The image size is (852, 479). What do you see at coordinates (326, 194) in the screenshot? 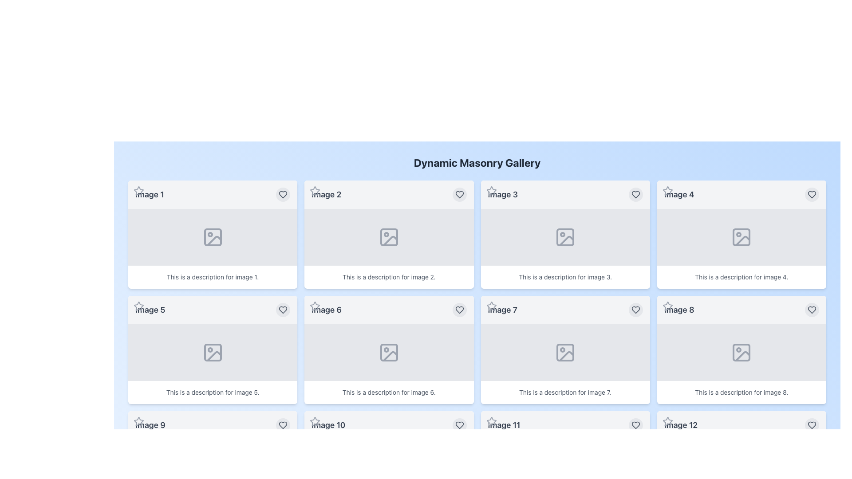
I see `the image card containing the text label located in the first row, second card from the left by clicking on it` at bounding box center [326, 194].